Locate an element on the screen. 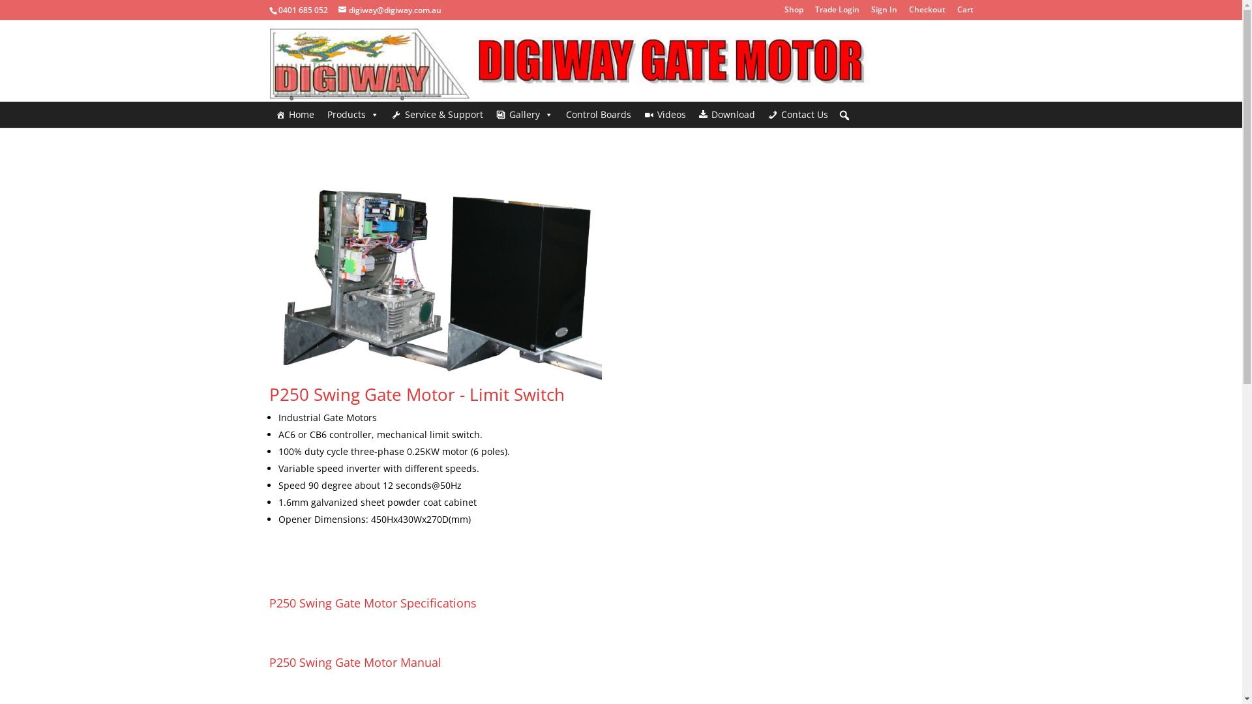 The width and height of the screenshot is (1252, 704). 'Shop' is located at coordinates (782, 12).